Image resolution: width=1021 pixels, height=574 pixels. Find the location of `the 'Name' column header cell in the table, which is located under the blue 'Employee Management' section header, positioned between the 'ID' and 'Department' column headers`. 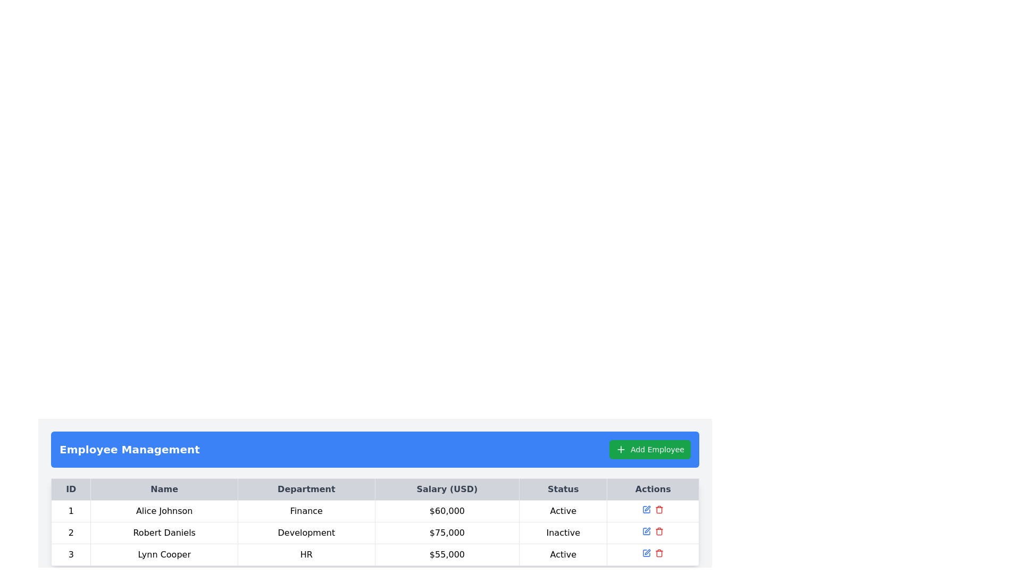

the 'Name' column header cell in the table, which is located under the blue 'Employee Management' section header, positioned between the 'ID' and 'Department' column headers is located at coordinates (164, 489).